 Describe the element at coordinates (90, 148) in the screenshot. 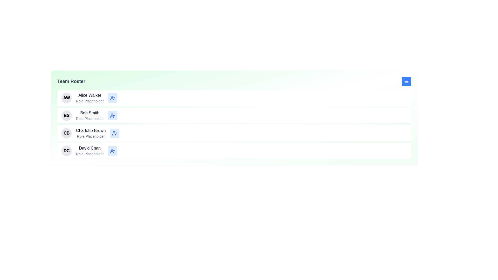

I see `the display name of the last person in the 'Team Roster' to interact or copy the text` at that location.